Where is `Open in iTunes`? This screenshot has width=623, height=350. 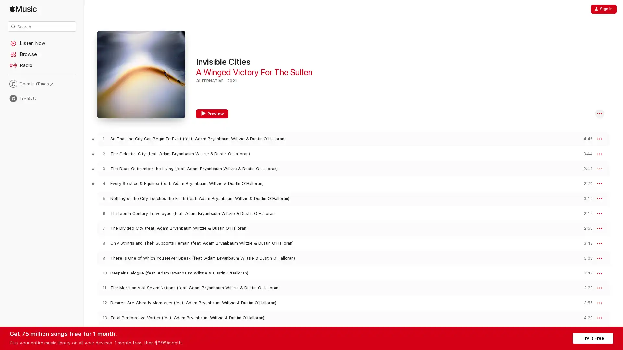 Open in iTunes is located at coordinates (42, 83).